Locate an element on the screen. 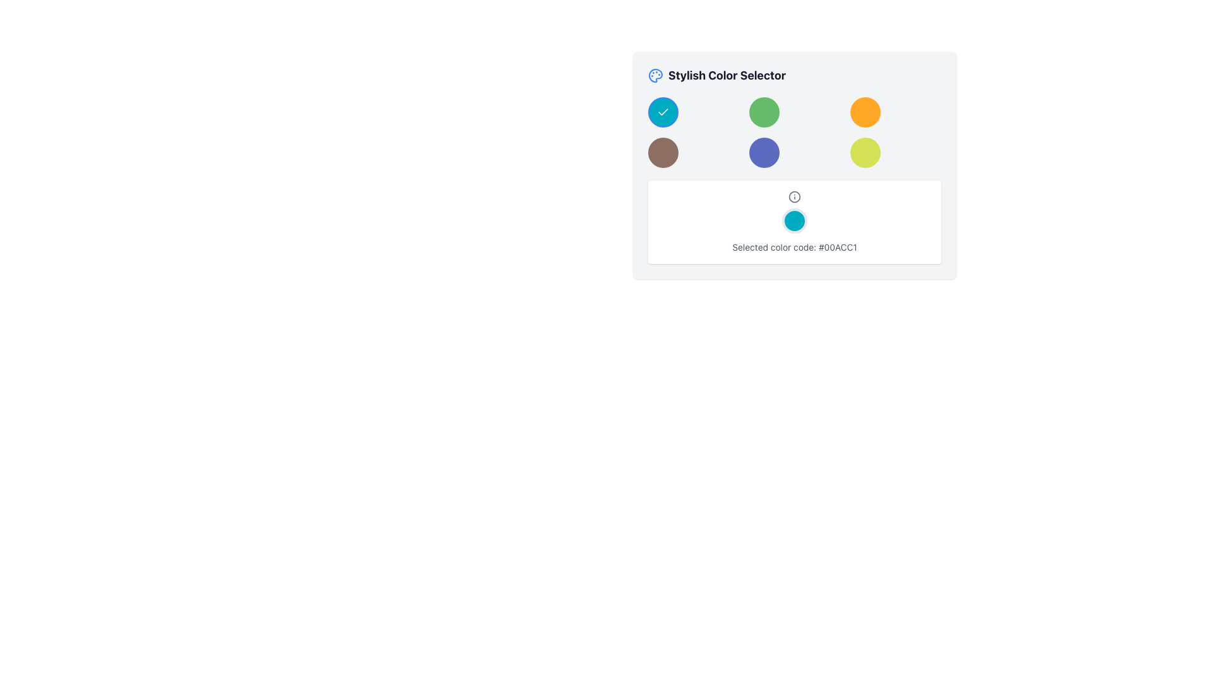  the circular interactive button with a bright green background to trigger its hover effects is located at coordinates (763, 111).